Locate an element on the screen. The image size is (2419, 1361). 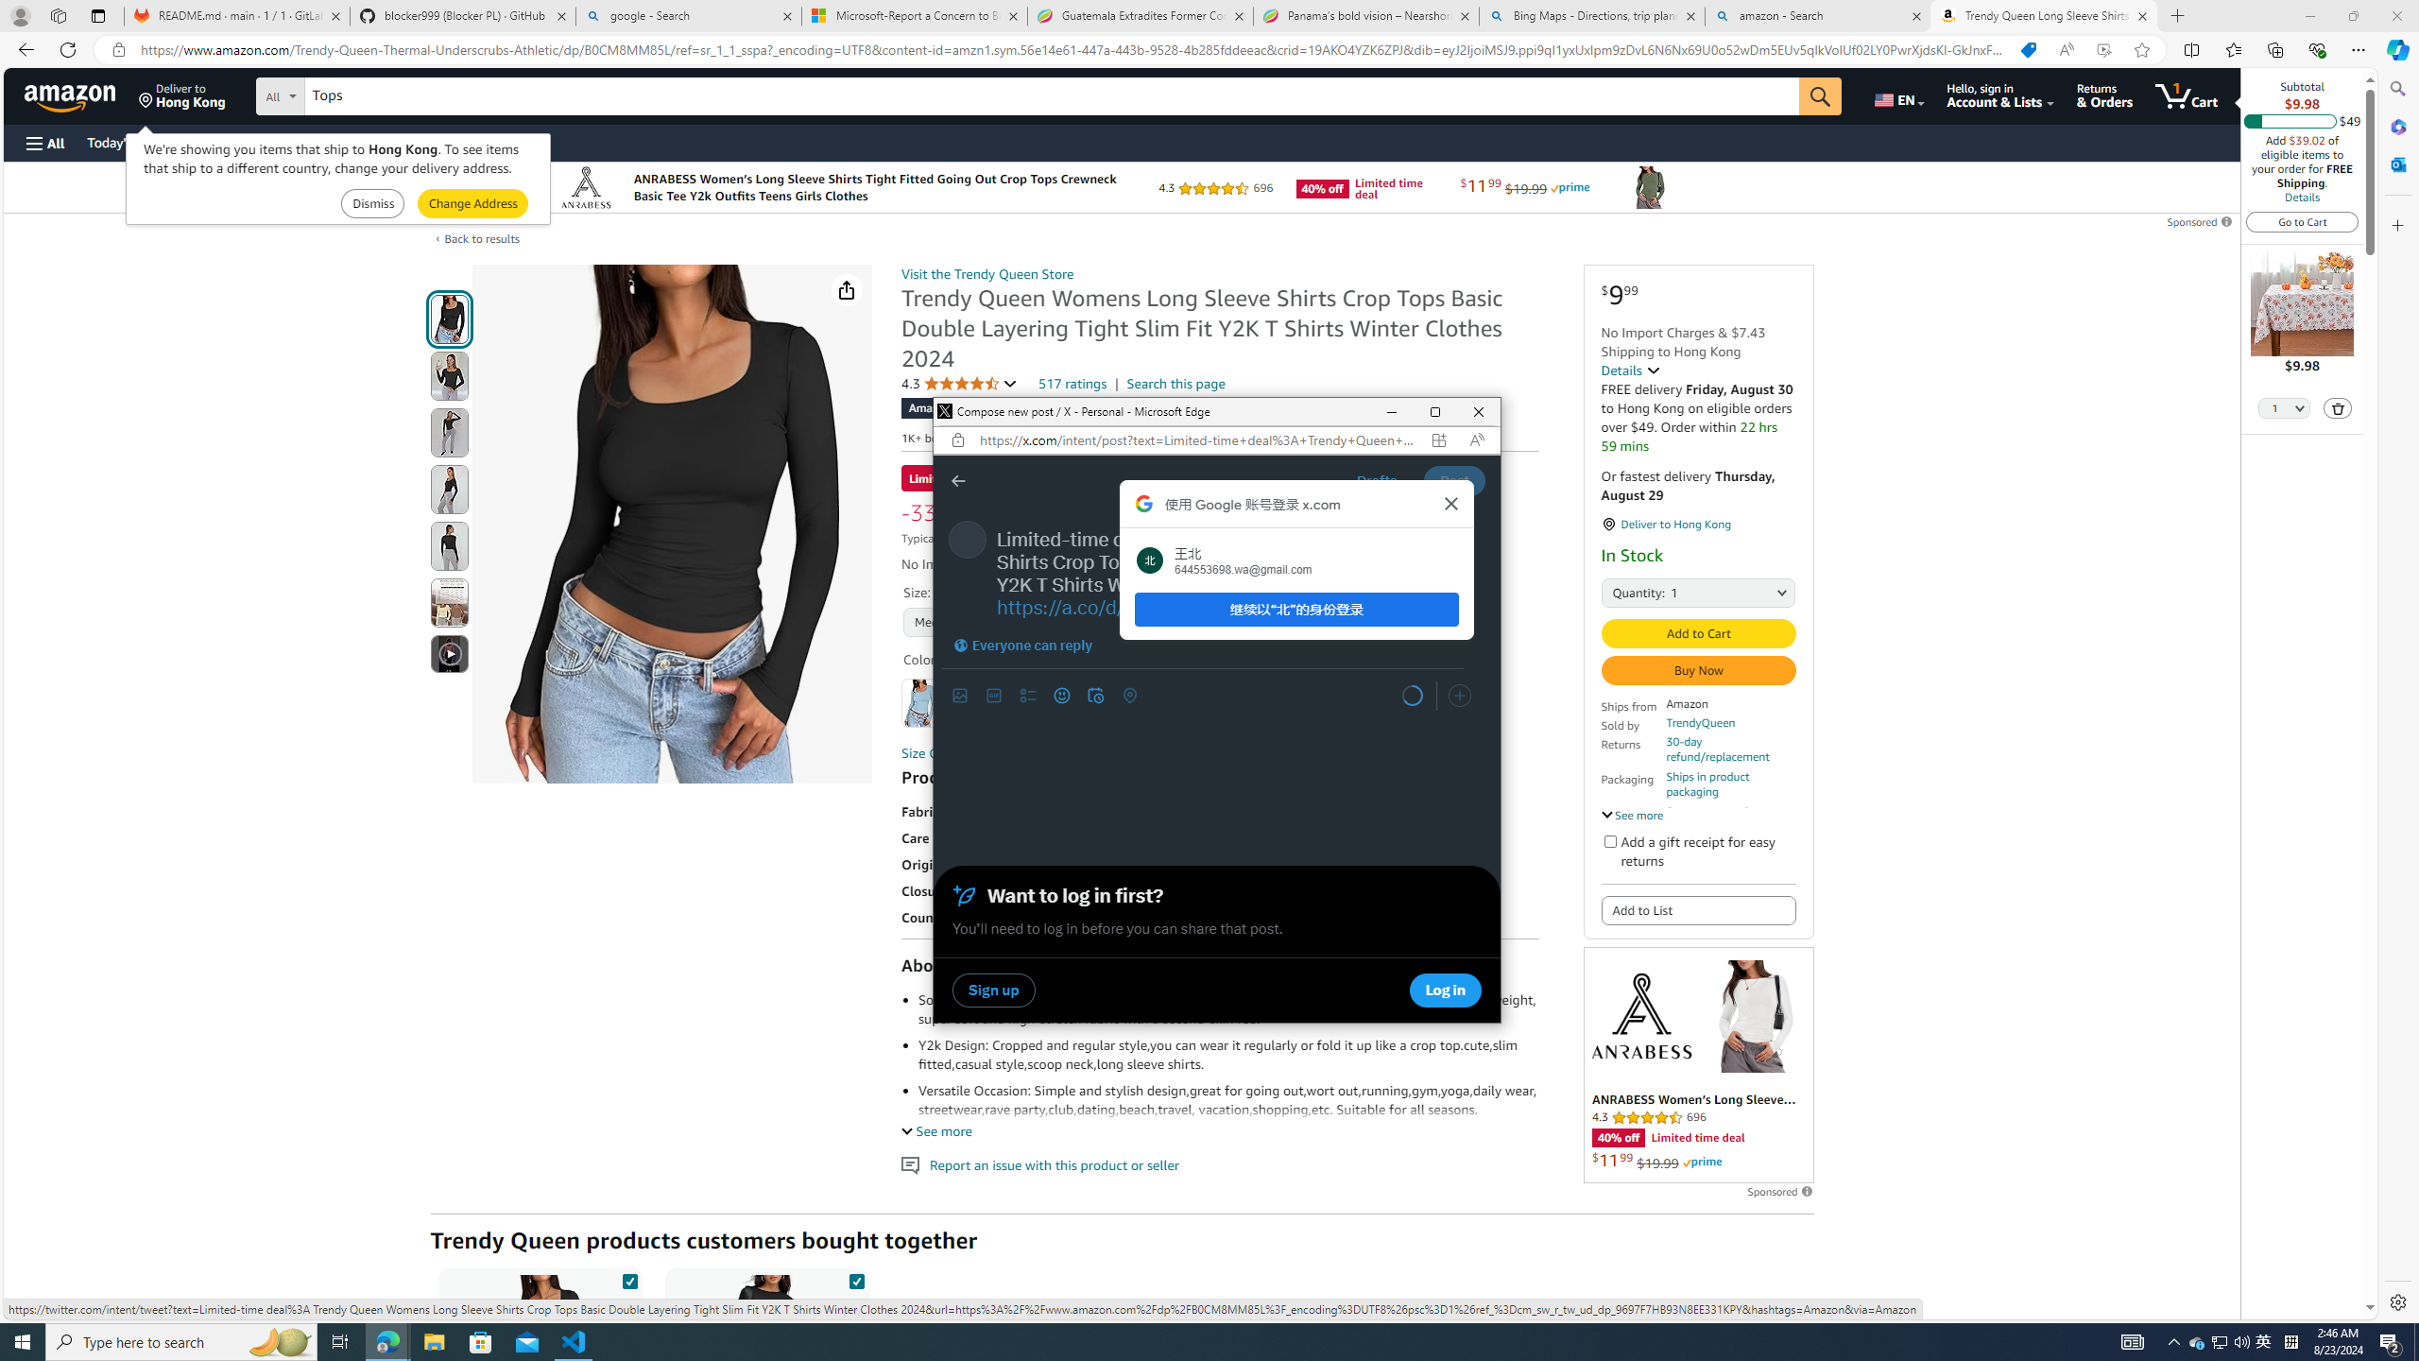
'Quantity:' is located at coordinates (1621, 590).